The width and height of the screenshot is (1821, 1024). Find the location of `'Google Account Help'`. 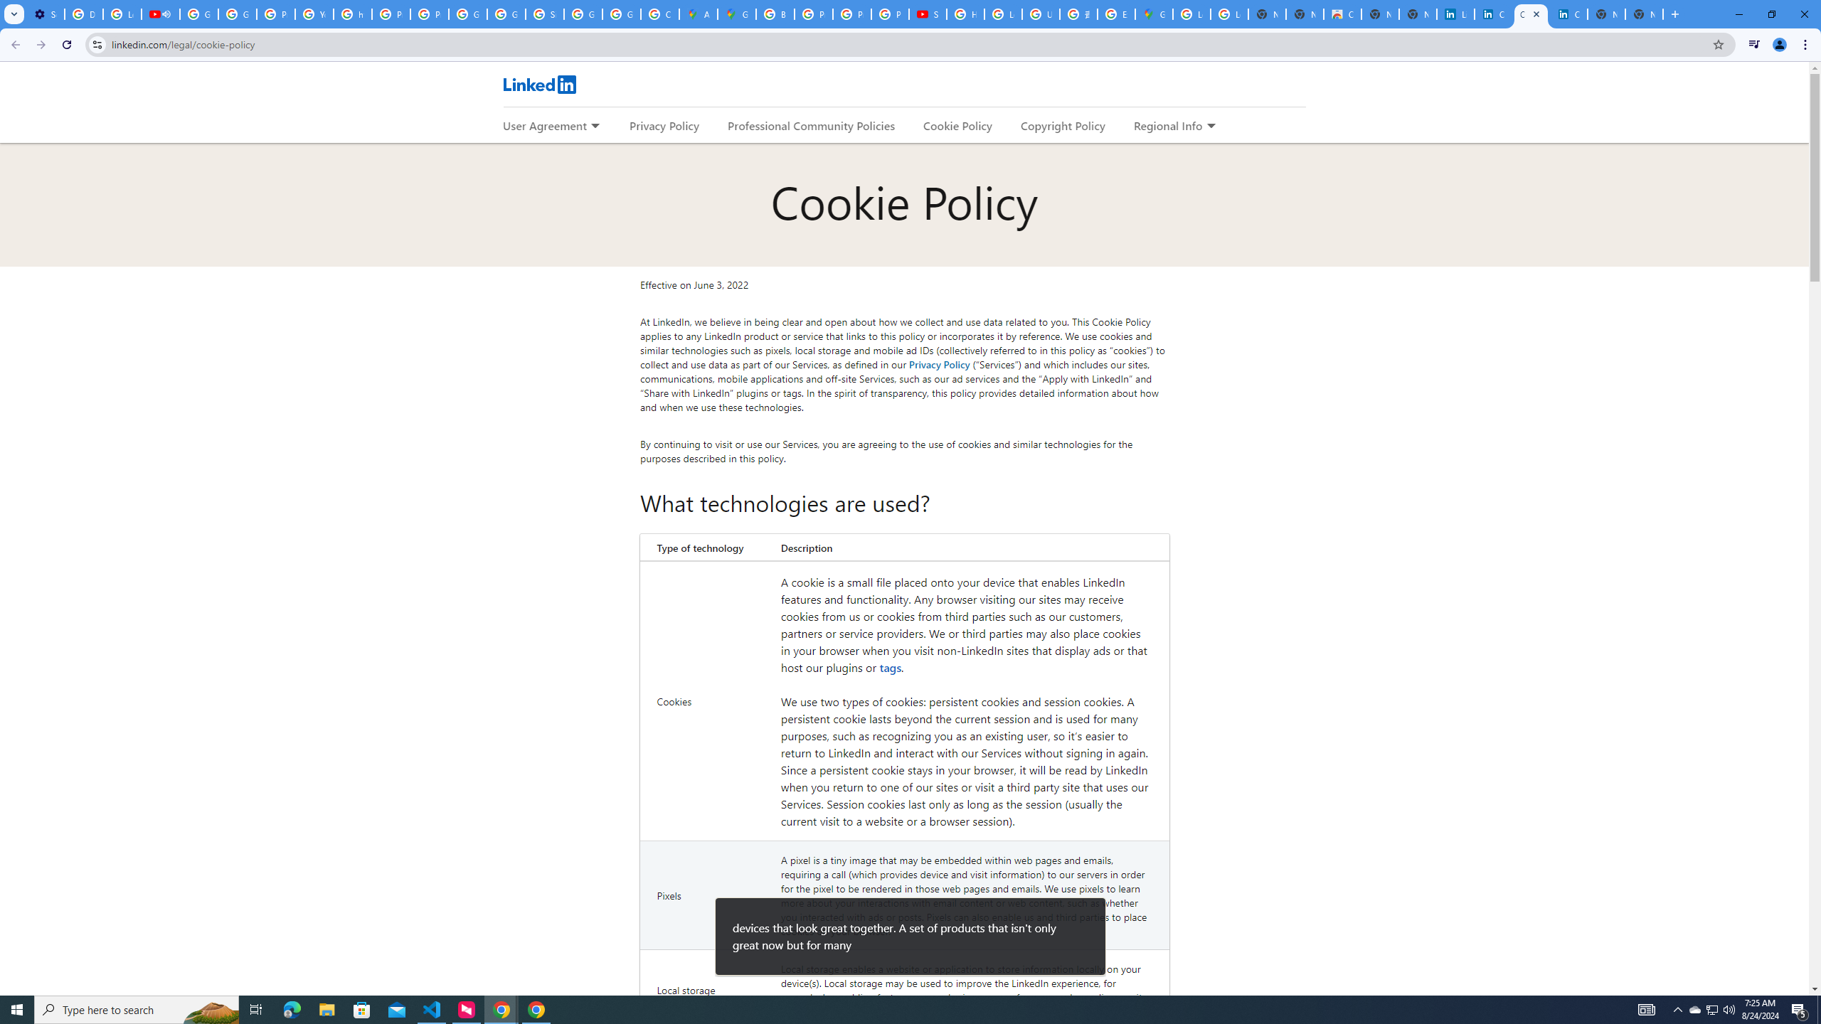

'Google Account Help' is located at coordinates (238, 14).